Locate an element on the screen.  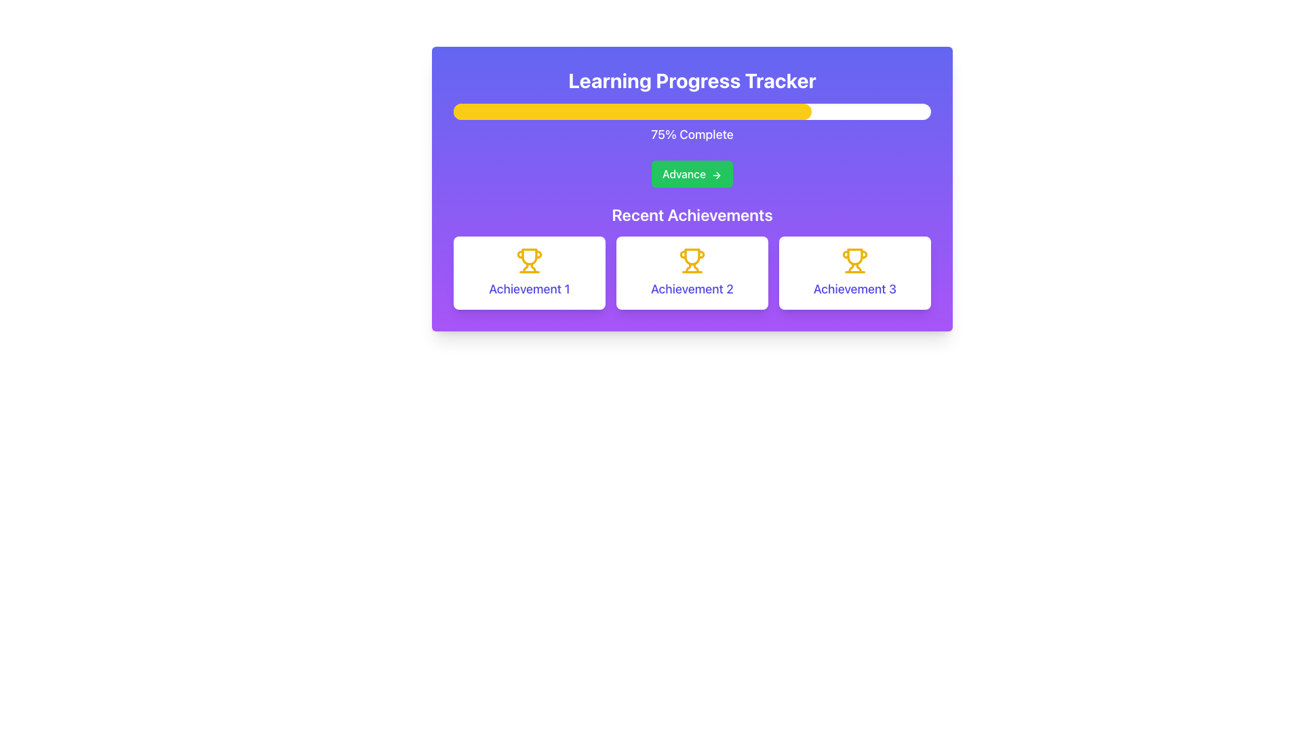
the trophy icon in the 'Recent Achievements' section of the third card labeled 'Achievement 3', which features a golden yellow outline and is centrally aligned above its text label is located at coordinates (850, 268).